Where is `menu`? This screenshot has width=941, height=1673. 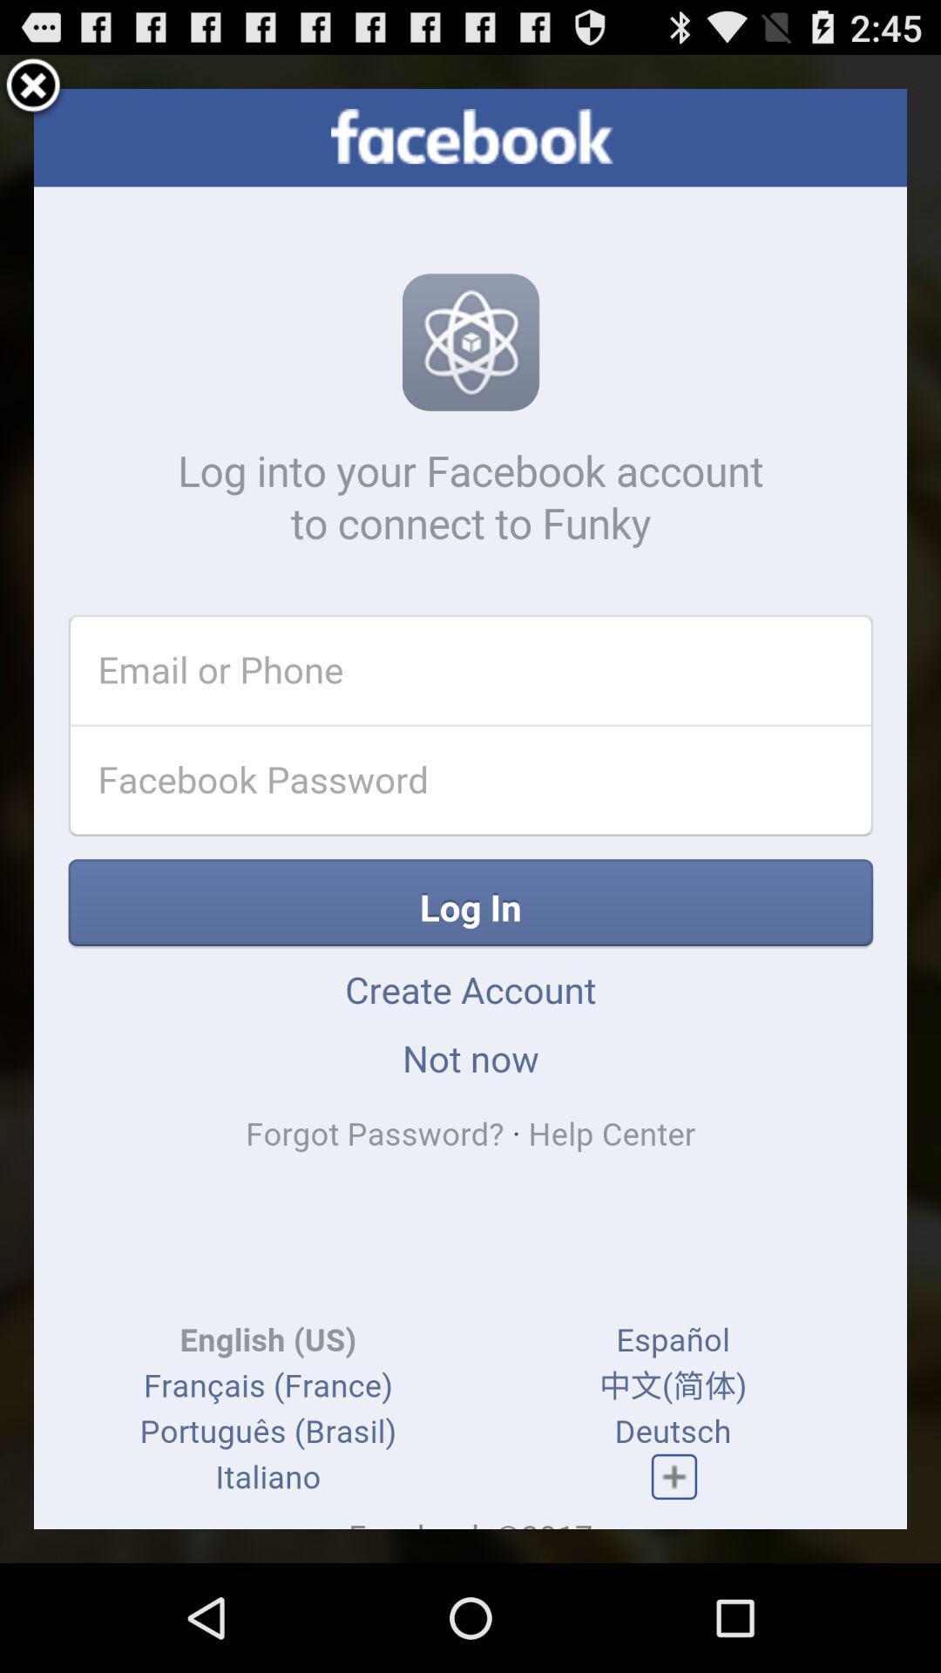 menu is located at coordinates (33, 87).